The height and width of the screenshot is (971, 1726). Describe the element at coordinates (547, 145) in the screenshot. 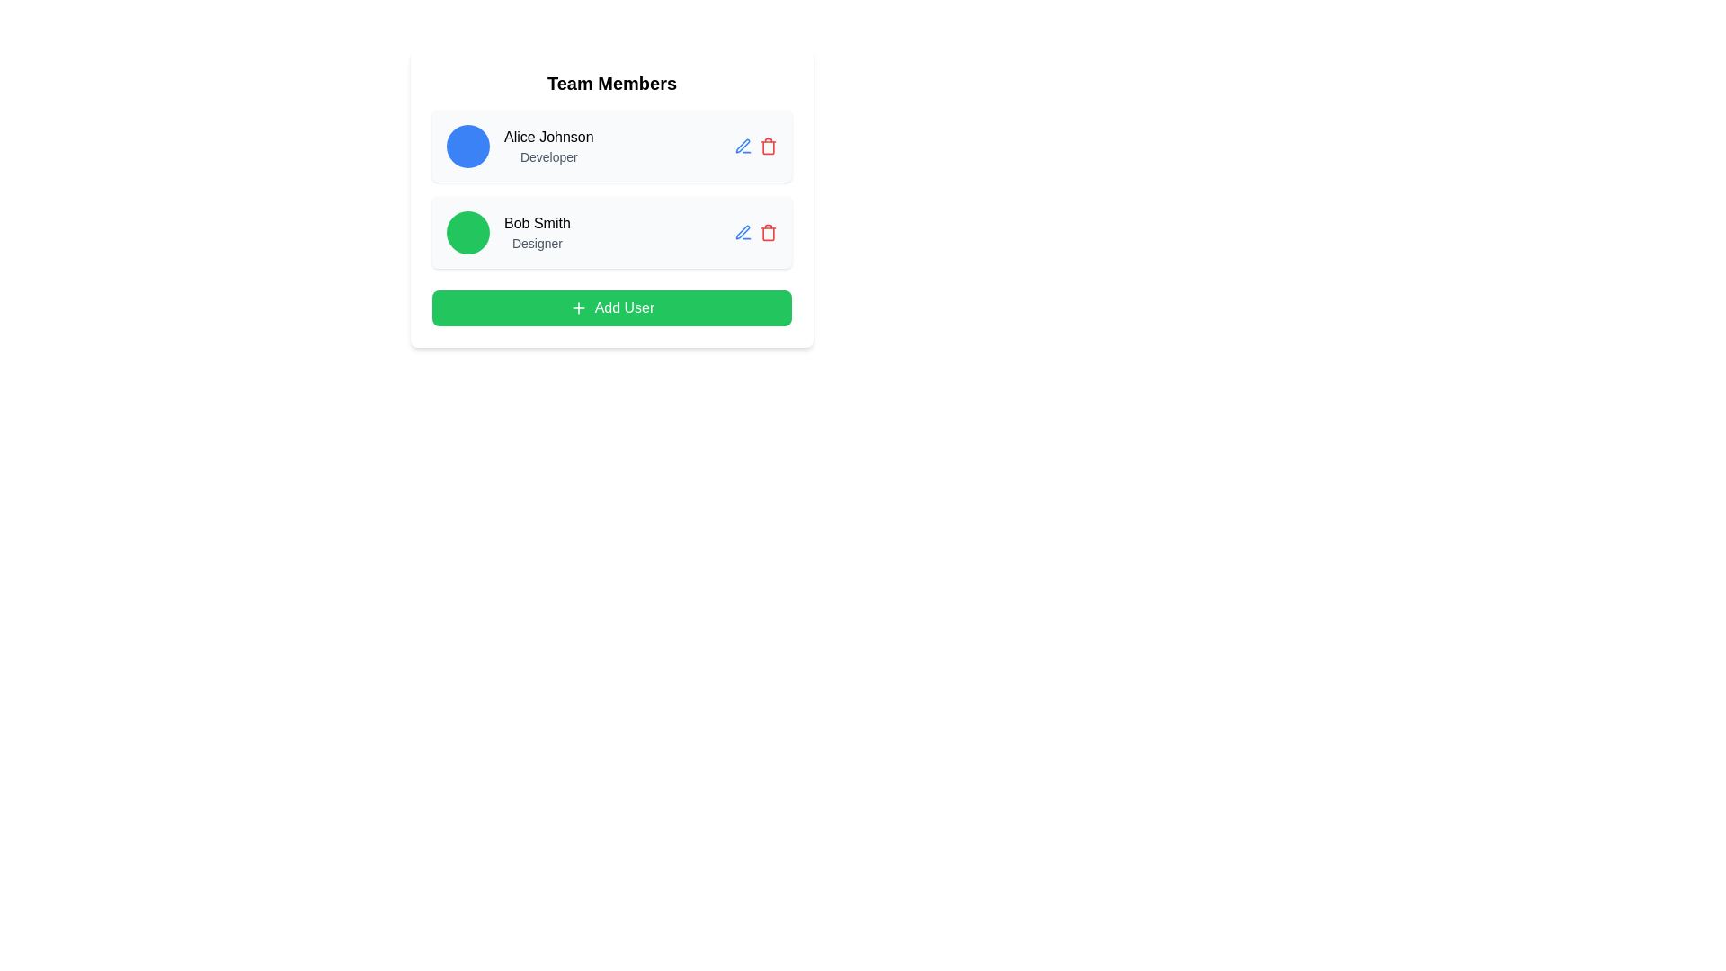

I see `the text label that identifies the role of the first team member listed in the 'Team Members' section, located to the right of a blue circular avatar` at that location.